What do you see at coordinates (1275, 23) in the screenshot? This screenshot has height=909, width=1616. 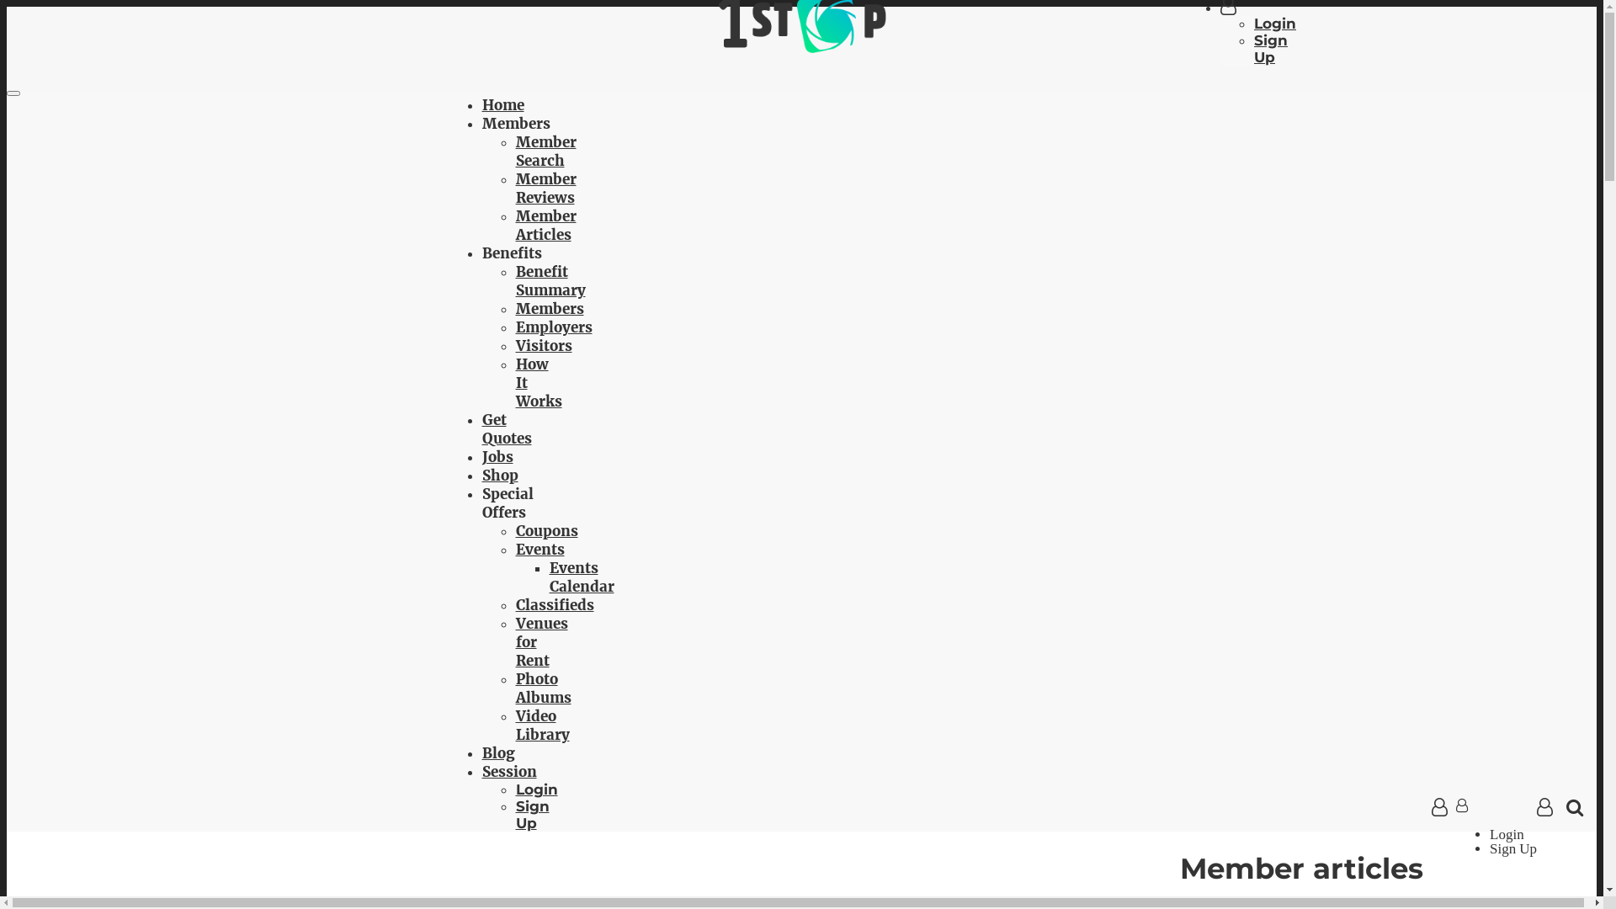 I see `'Login'` at bounding box center [1275, 23].